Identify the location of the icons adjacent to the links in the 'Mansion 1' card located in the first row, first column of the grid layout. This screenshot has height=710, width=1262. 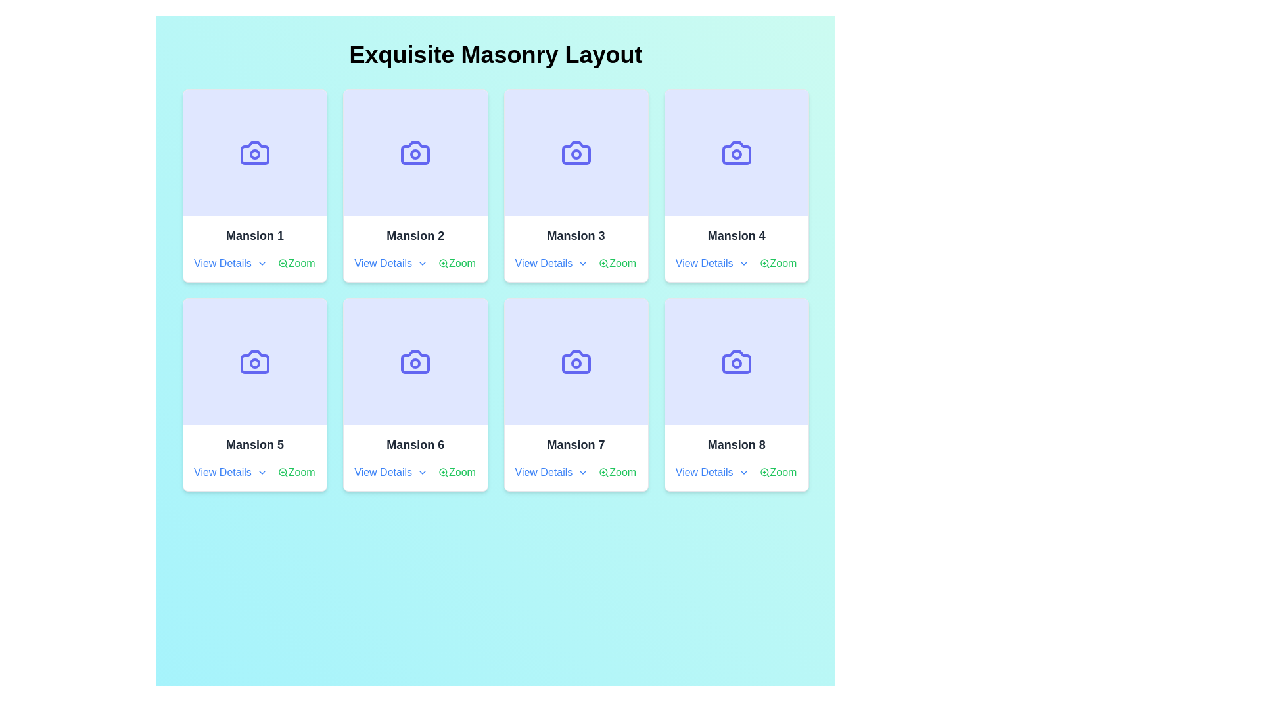
(255, 264).